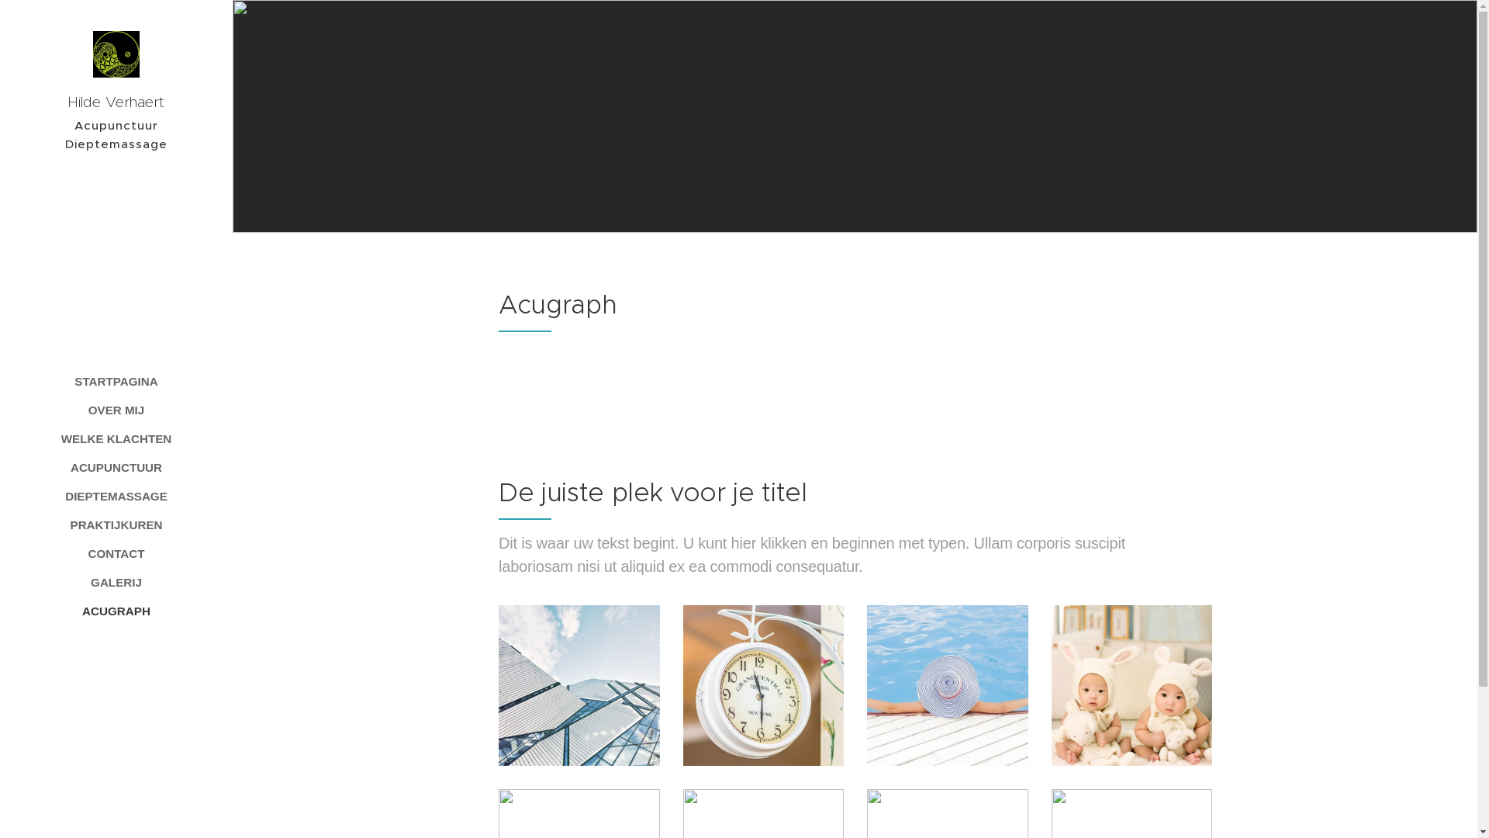  What do you see at coordinates (115, 582) in the screenshot?
I see `'GALERIJ'` at bounding box center [115, 582].